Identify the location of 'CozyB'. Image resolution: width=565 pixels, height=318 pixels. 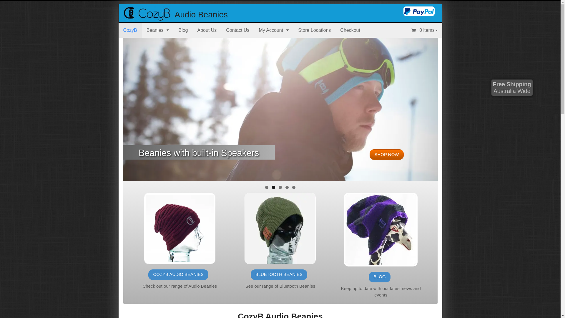
(129, 30).